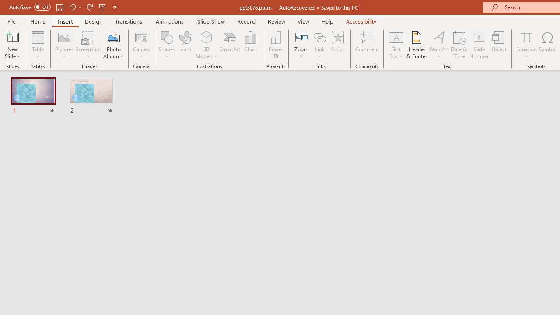 The height and width of the screenshot is (315, 560). Describe the element at coordinates (63, 7) in the screenshot. I see `'Quick Access Toolbar'` at that location.